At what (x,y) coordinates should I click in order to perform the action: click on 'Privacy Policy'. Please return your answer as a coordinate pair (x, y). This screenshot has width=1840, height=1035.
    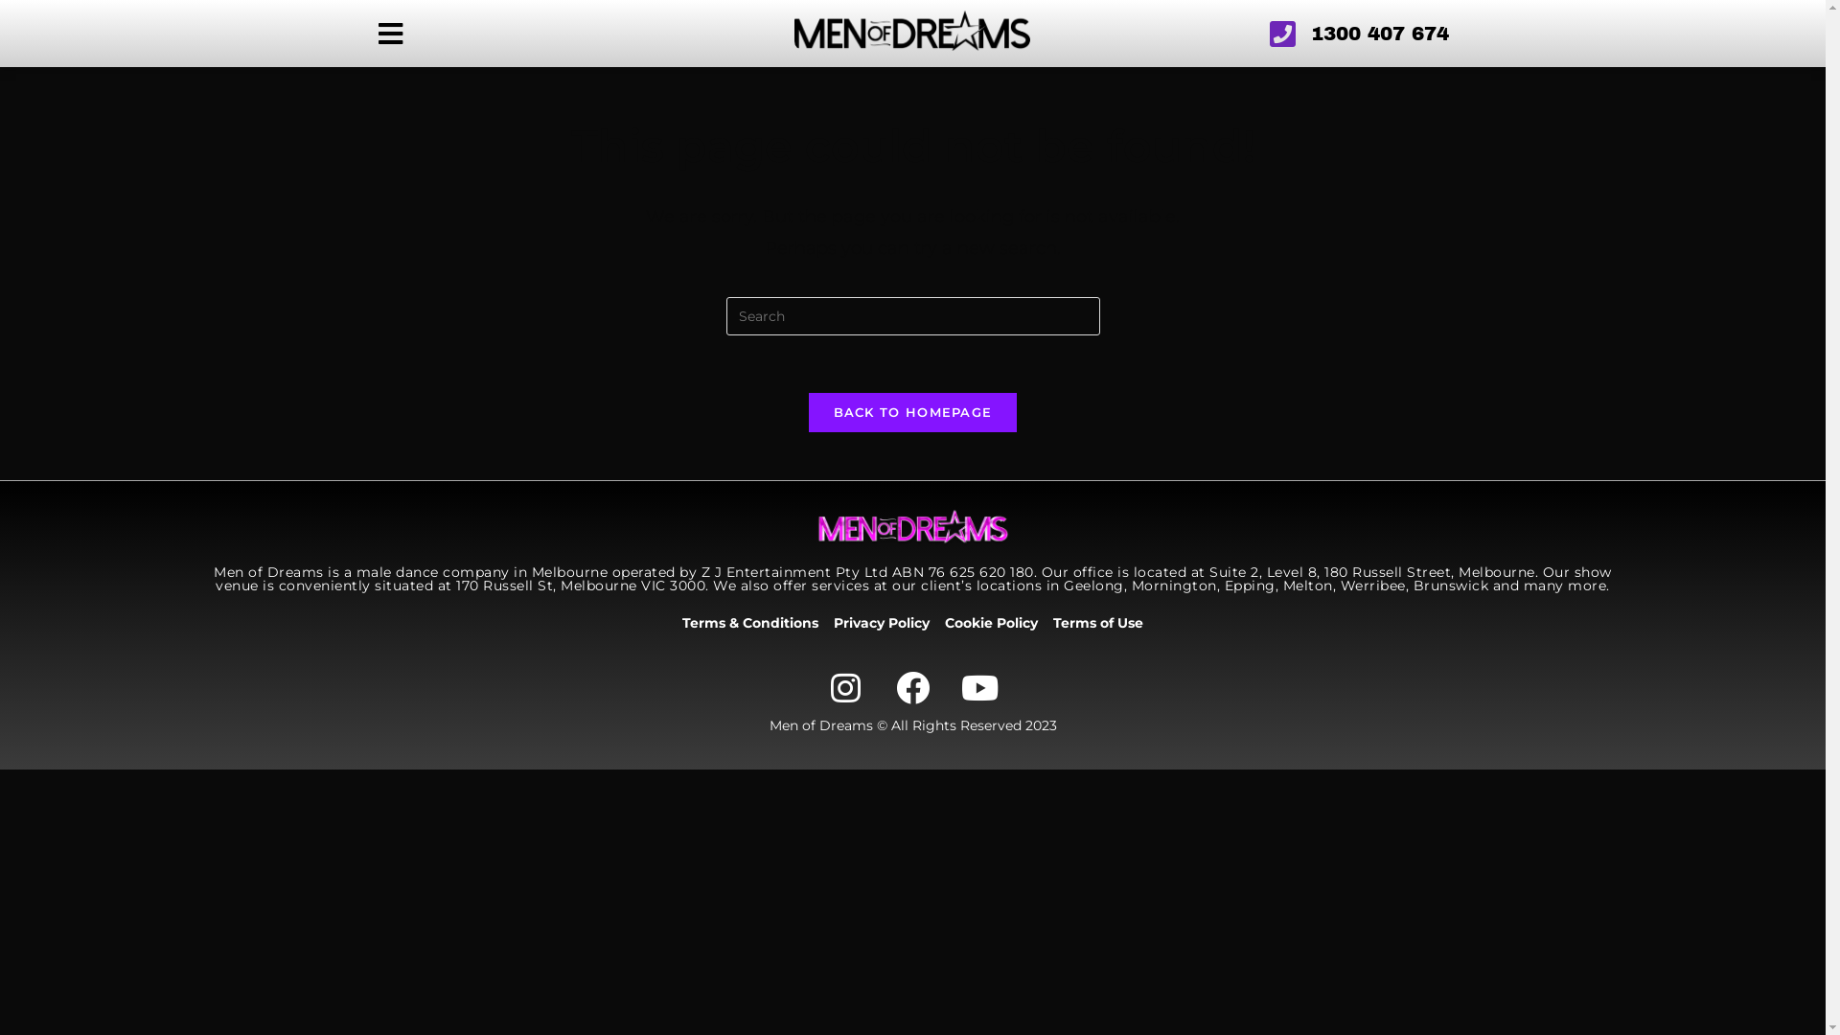
    Looking at the image, I should click on (881, 623).